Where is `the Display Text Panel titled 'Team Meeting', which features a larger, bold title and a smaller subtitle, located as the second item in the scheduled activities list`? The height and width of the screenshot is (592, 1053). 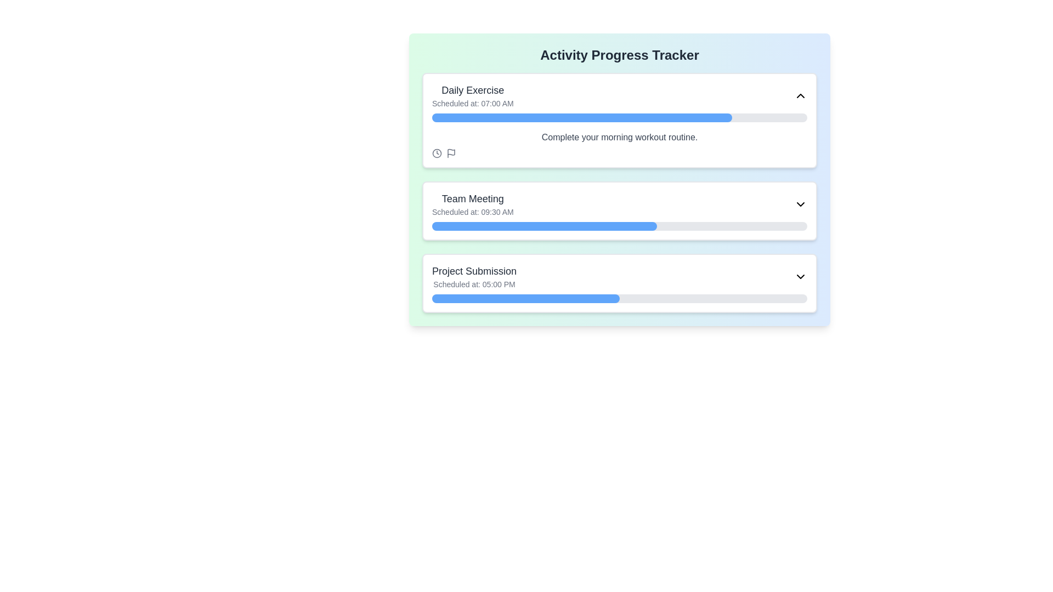
the Display Text Panel titled 'Team Meeting', which features a larger, bold title and a smaller subtitle, located as the second item in the scheduled activities list is located at coordinates (473, 204).